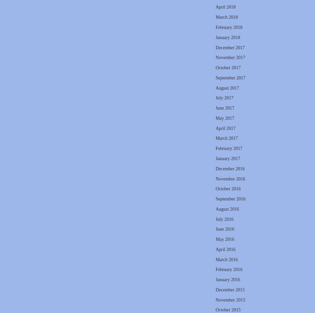  Describe the element at coordinates (226, 17) in the screenshot. I see `'March 2018'` at that location.